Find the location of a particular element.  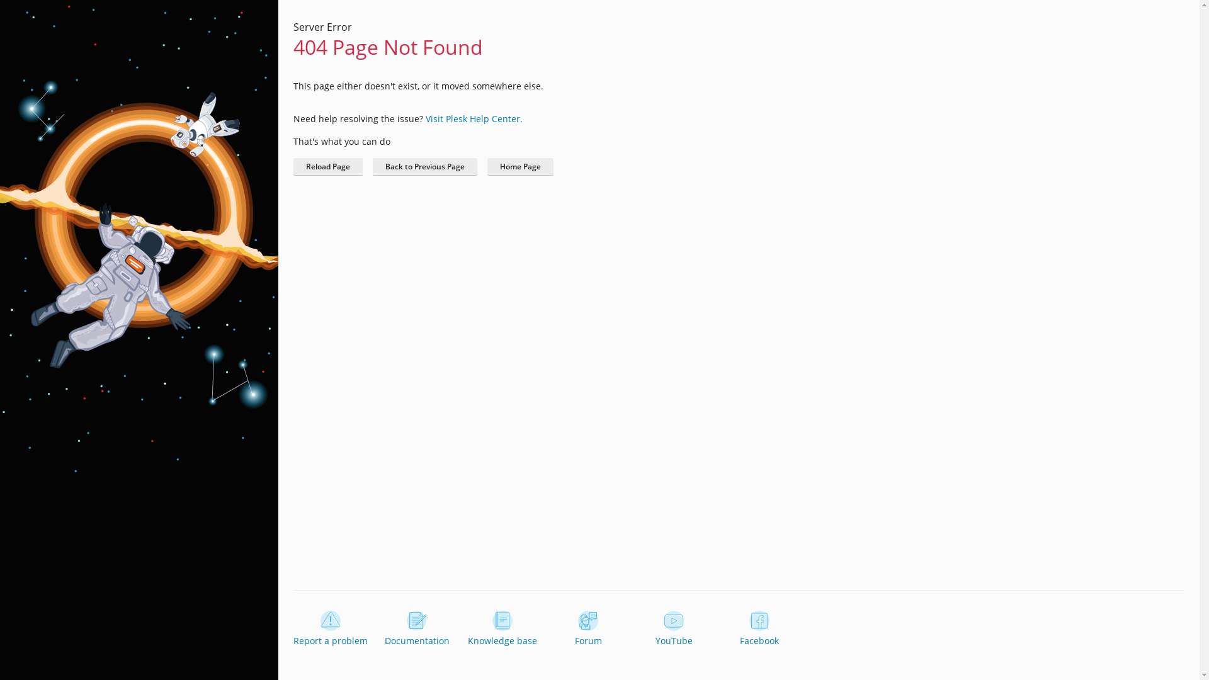

'Home Page' is located at coordinates (486, 166).